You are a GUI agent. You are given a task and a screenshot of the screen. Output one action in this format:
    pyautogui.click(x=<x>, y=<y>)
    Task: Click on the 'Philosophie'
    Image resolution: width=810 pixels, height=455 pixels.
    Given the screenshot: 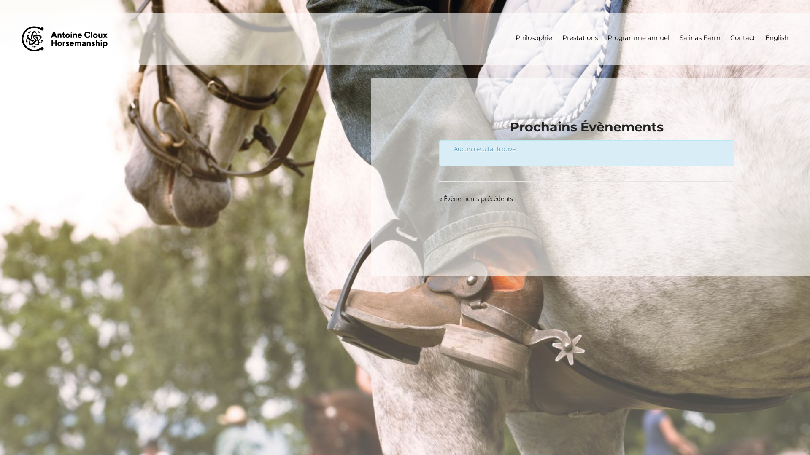 What is the action you would take?
    pyautogui.click(x=534, y=38)
    